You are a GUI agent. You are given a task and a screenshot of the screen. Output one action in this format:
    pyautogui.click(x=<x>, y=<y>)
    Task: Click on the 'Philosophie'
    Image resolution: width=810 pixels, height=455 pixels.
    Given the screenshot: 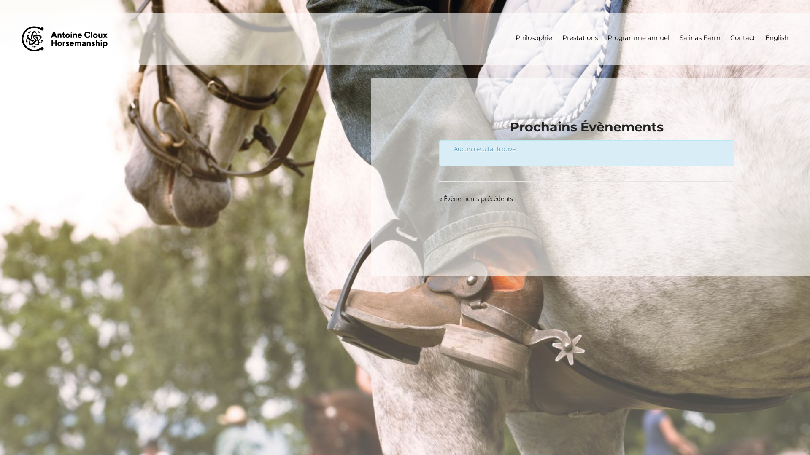 What is the action you would take?
    pyautogui.click(x=534, y=38)
    